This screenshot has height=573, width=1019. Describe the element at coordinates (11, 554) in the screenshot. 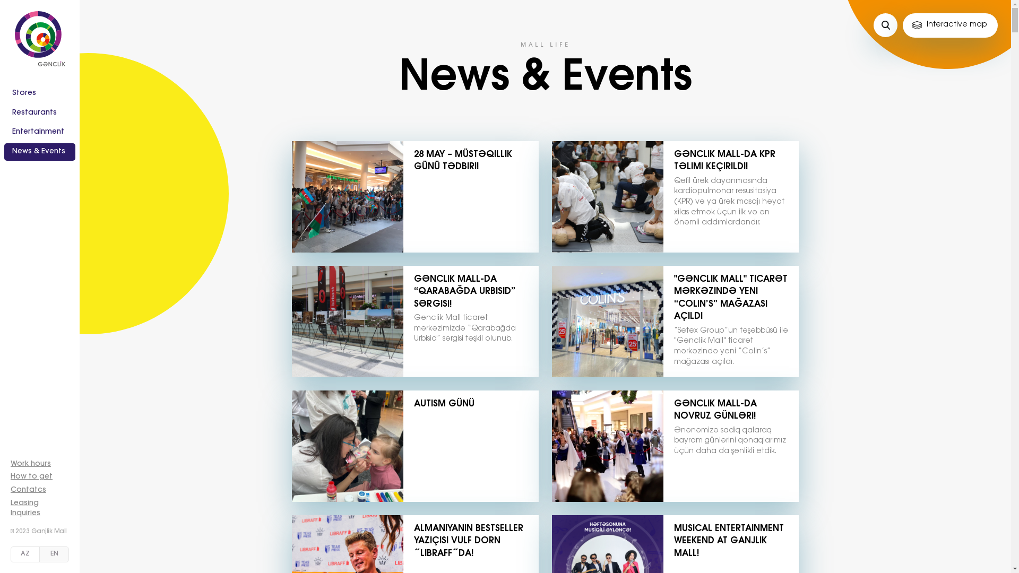

I see `'AZ'` at that location.